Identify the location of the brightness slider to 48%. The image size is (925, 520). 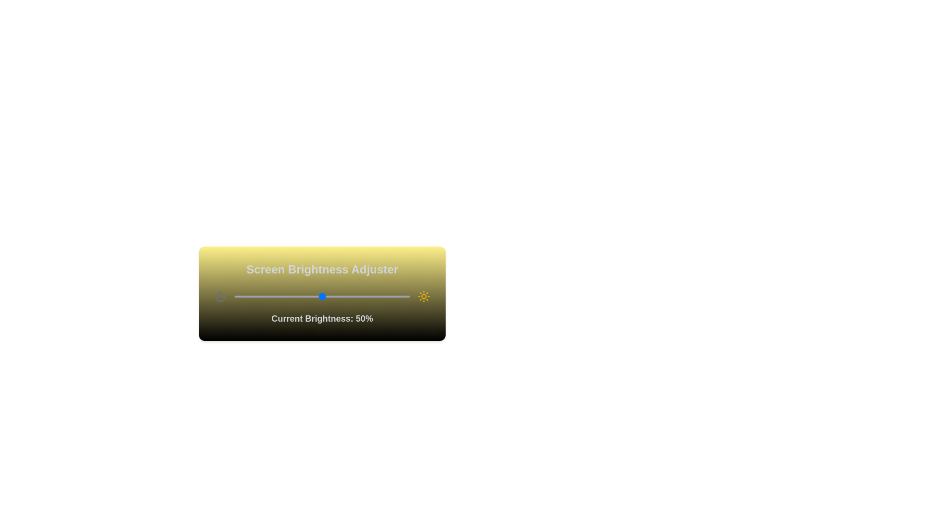
(318, 296).